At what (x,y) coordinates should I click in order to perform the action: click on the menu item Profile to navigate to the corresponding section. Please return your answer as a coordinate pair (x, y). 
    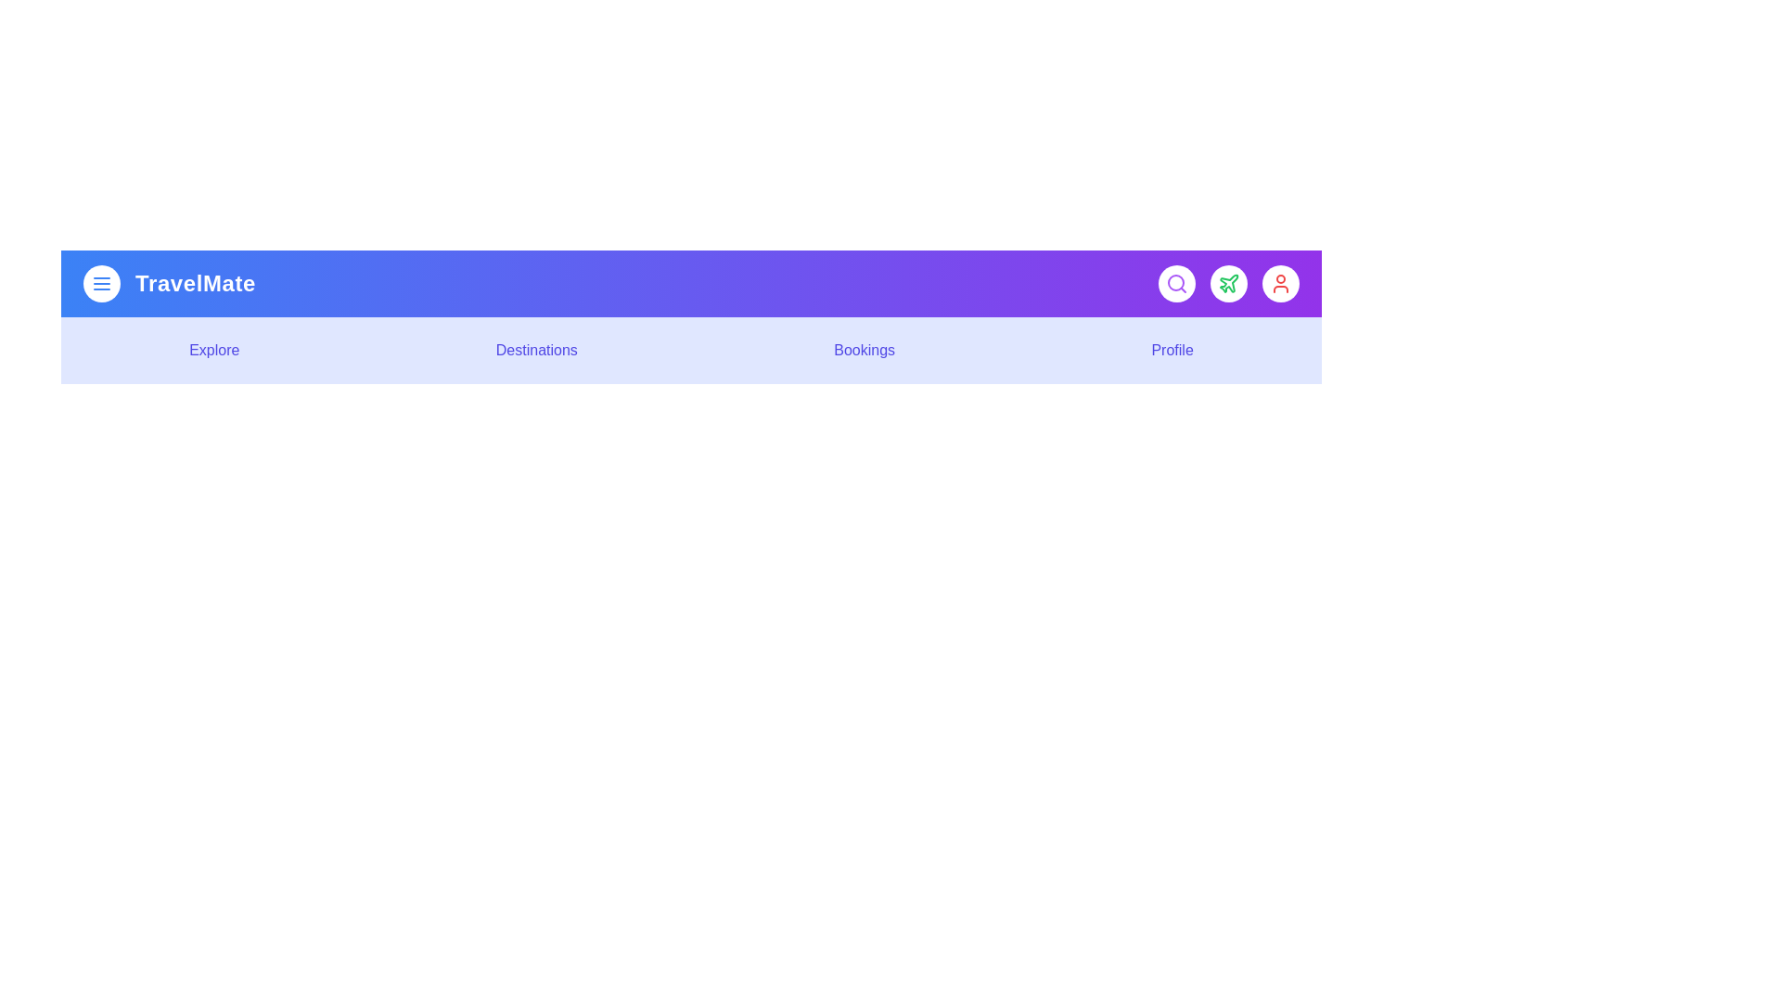
    Looking at the image, I should click on (1171, 351).